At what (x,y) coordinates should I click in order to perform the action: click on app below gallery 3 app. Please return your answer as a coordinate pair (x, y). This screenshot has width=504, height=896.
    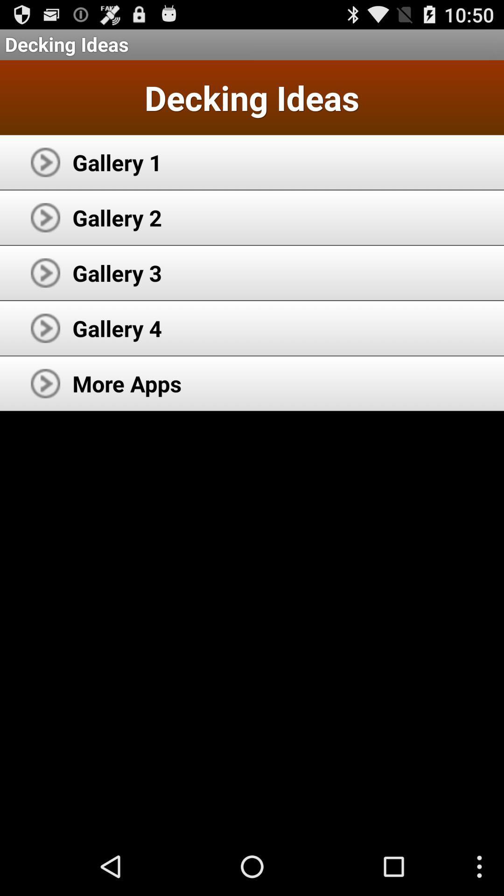
    Looking at the image, I should click on (117, 328).